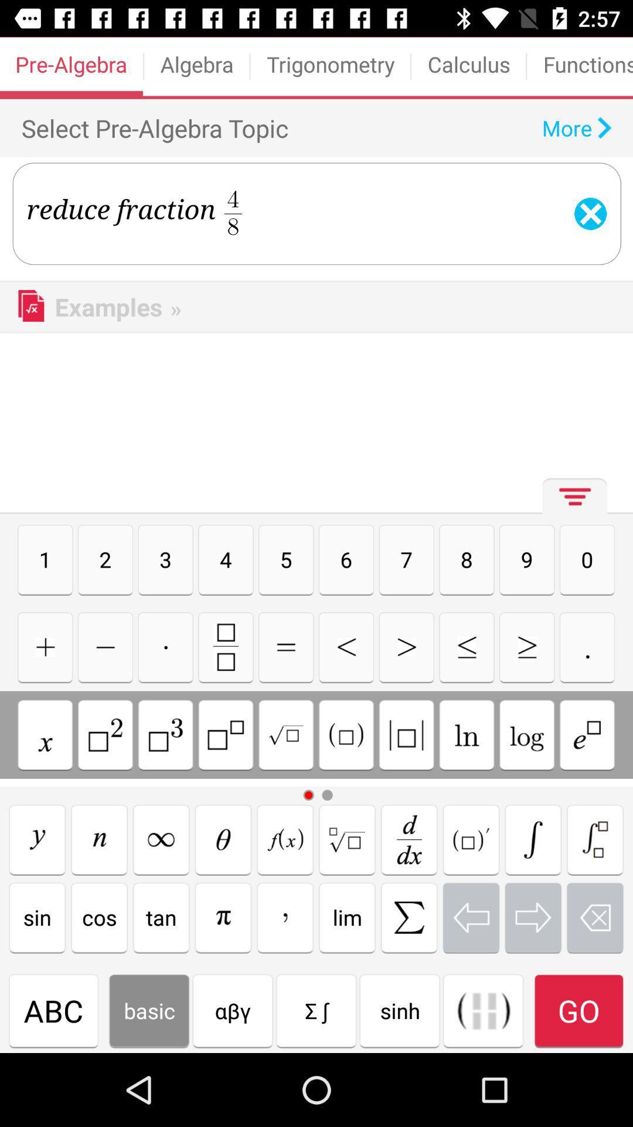 Image resolution: width=633 pixels, height=1127 pixels. I want to click on keywords button, so click(285, 839).